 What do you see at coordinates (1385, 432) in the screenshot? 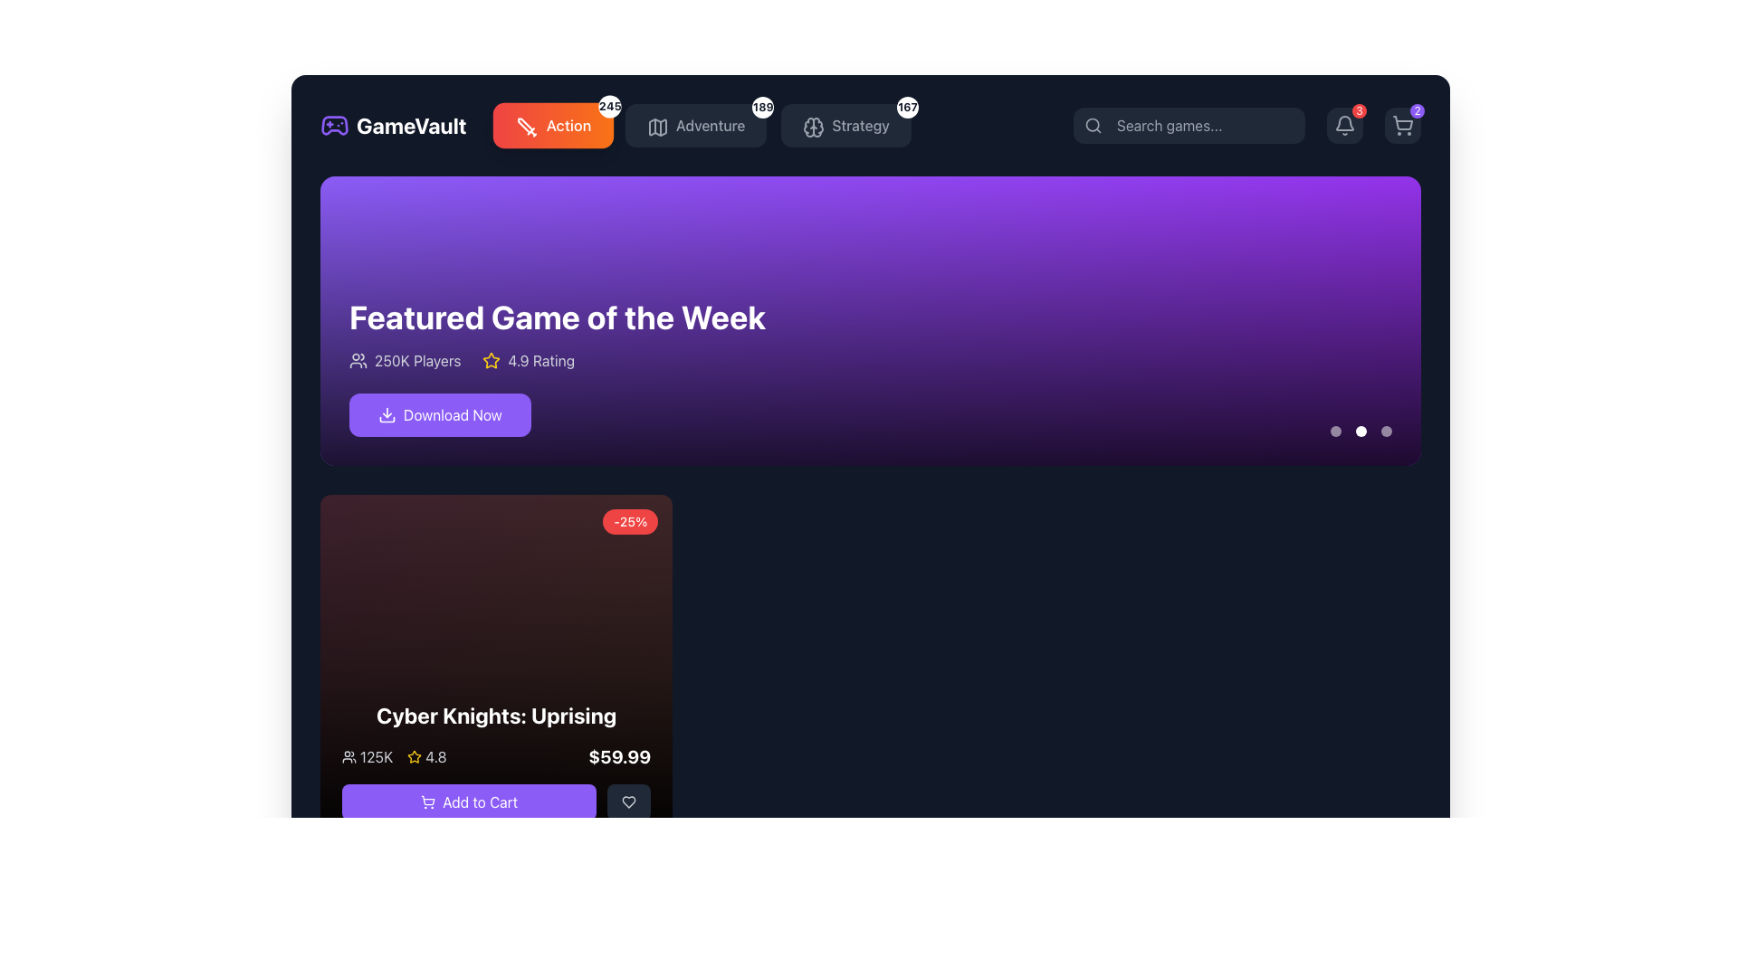
I see `the third circular indicator dot located in the bottom right corner of the purple section, which serves as a visual indicator for the third state in a carousel` at bounding box center [1385, 432].